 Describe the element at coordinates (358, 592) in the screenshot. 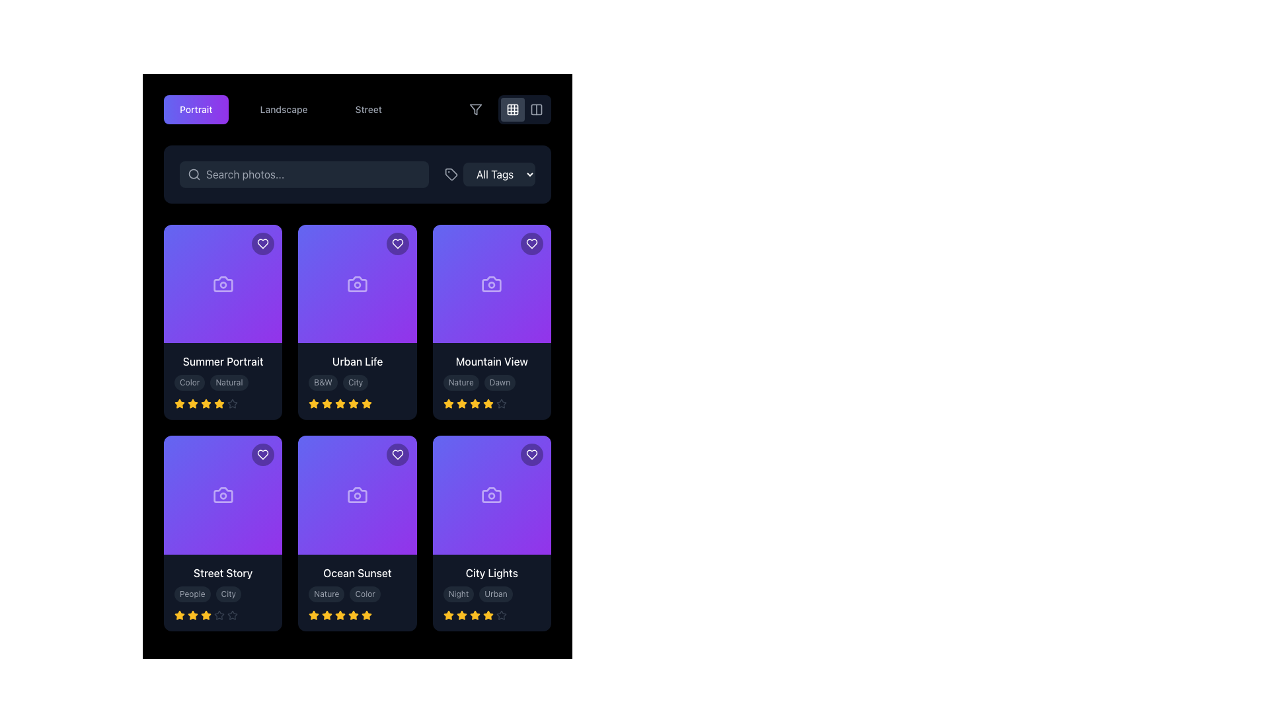

I see `the 'Color' tag, which is a small rounded rectangle with a dark background and light text, located below the title 'Ocean Sunset' in the card UI` at that location.